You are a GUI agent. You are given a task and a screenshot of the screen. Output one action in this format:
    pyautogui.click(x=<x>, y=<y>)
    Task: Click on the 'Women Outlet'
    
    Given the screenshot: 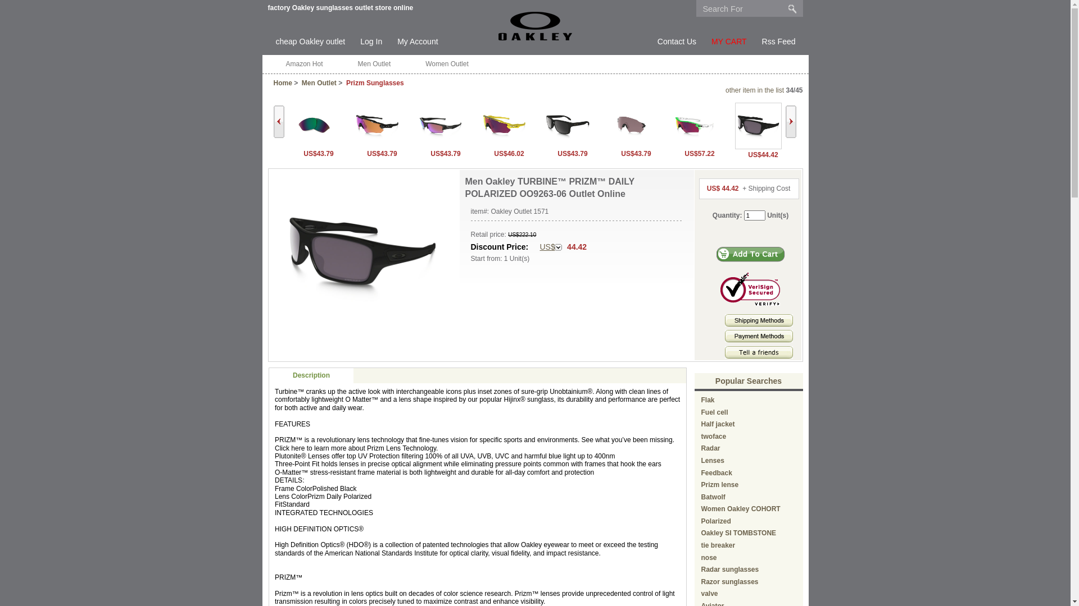 What is the action you would take?
    pyautogui.click(x=446, y=64)
    